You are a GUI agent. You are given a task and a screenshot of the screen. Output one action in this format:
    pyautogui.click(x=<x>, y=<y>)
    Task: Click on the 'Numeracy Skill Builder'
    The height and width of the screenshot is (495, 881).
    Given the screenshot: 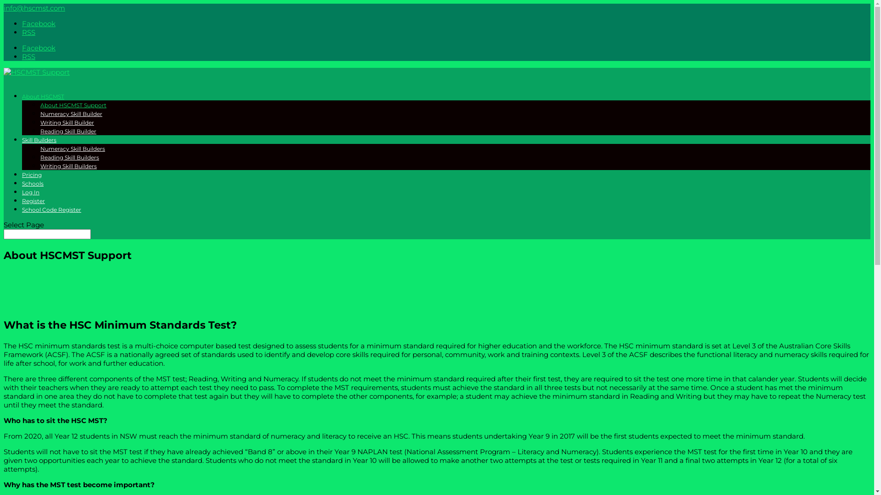 What is the action you would take?
    pyautogui.click(x=71, y=113)
    